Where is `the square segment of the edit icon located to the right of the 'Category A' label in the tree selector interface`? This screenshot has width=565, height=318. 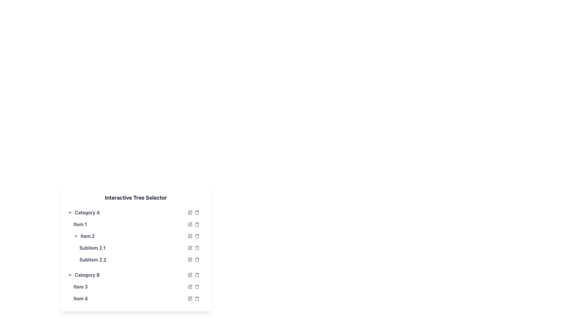
the square segment of the edit icon located to the right of the 'Category A' label in the tree selector interface is located at coordinates (190, 212).